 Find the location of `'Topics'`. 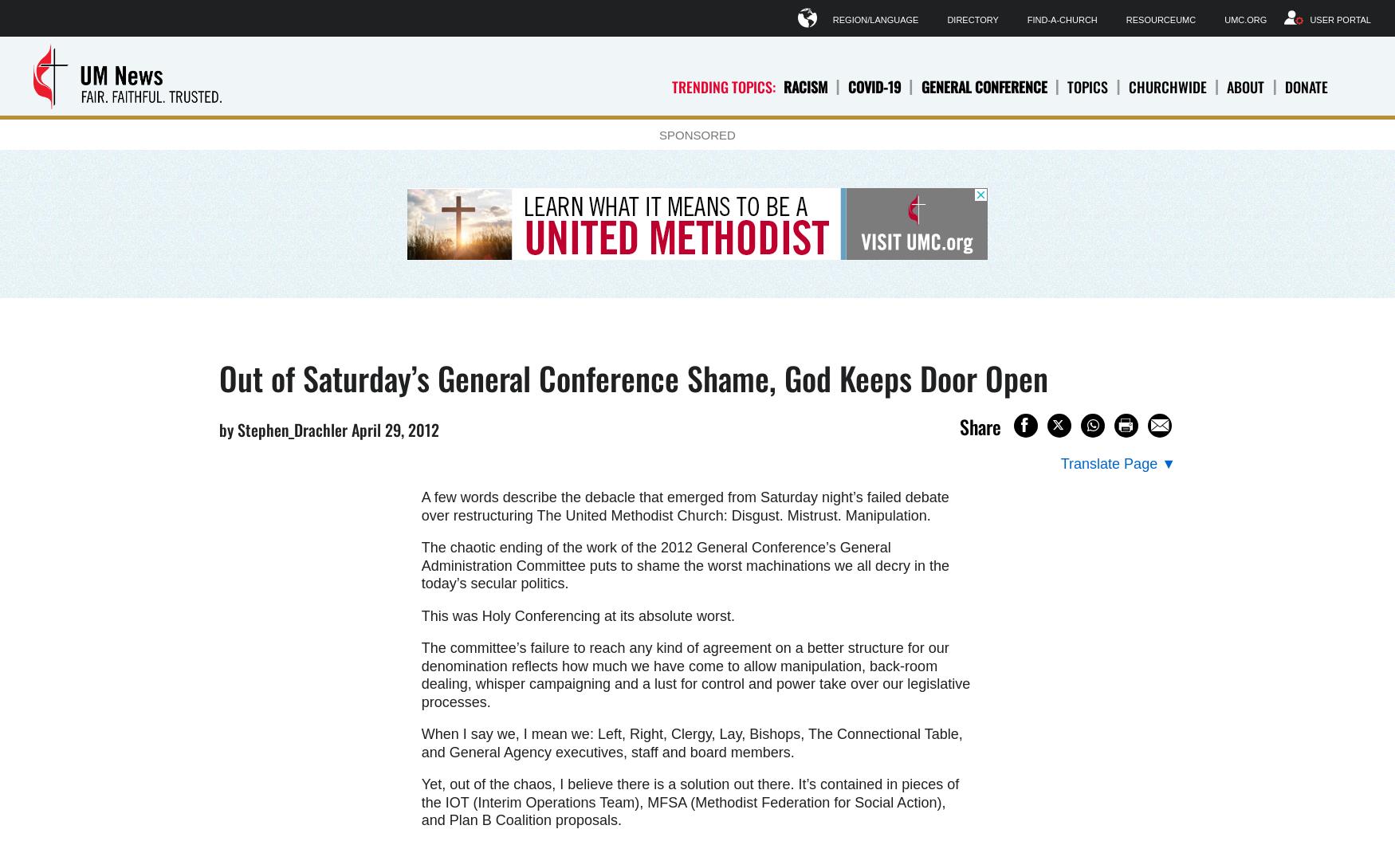

'Topics' is located at coordinates (1087, 85).